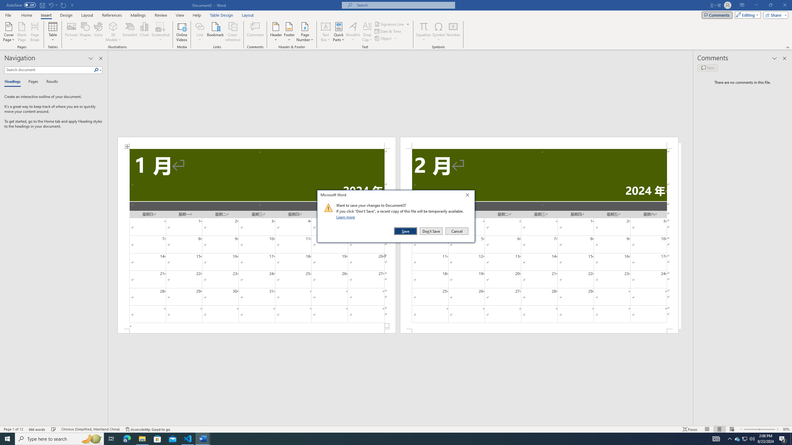 This screenshot has width=792, height=445. Describe the element at coordinates (34, 32) in the screenshot. I see `'Page Break'` at that location.